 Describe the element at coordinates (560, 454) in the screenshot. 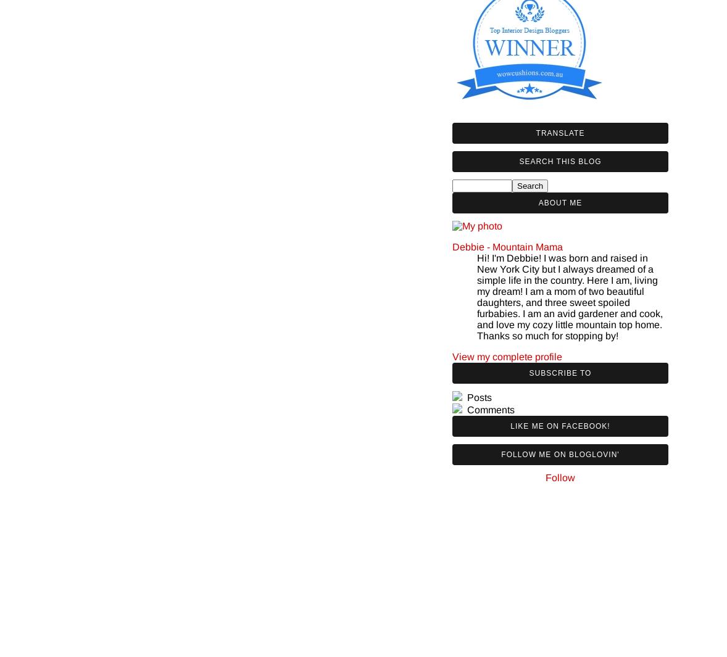

I see `'Follow Me on BLOGLOVIN''` at that location.